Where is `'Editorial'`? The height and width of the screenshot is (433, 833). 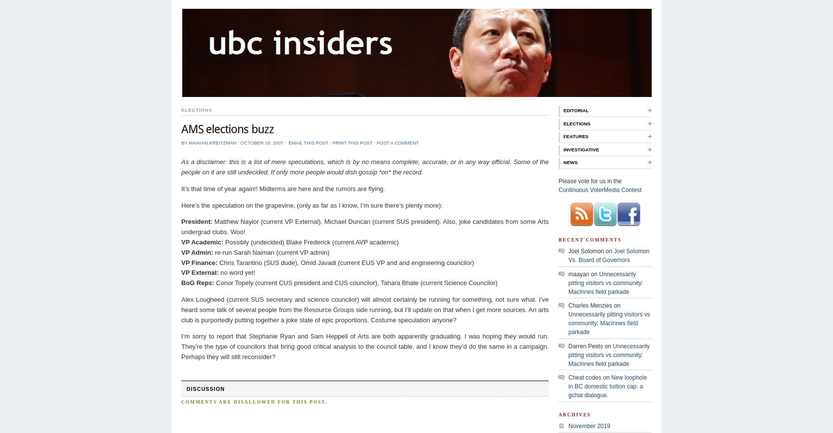
'Editorial' is located at coordinates (575, 110).